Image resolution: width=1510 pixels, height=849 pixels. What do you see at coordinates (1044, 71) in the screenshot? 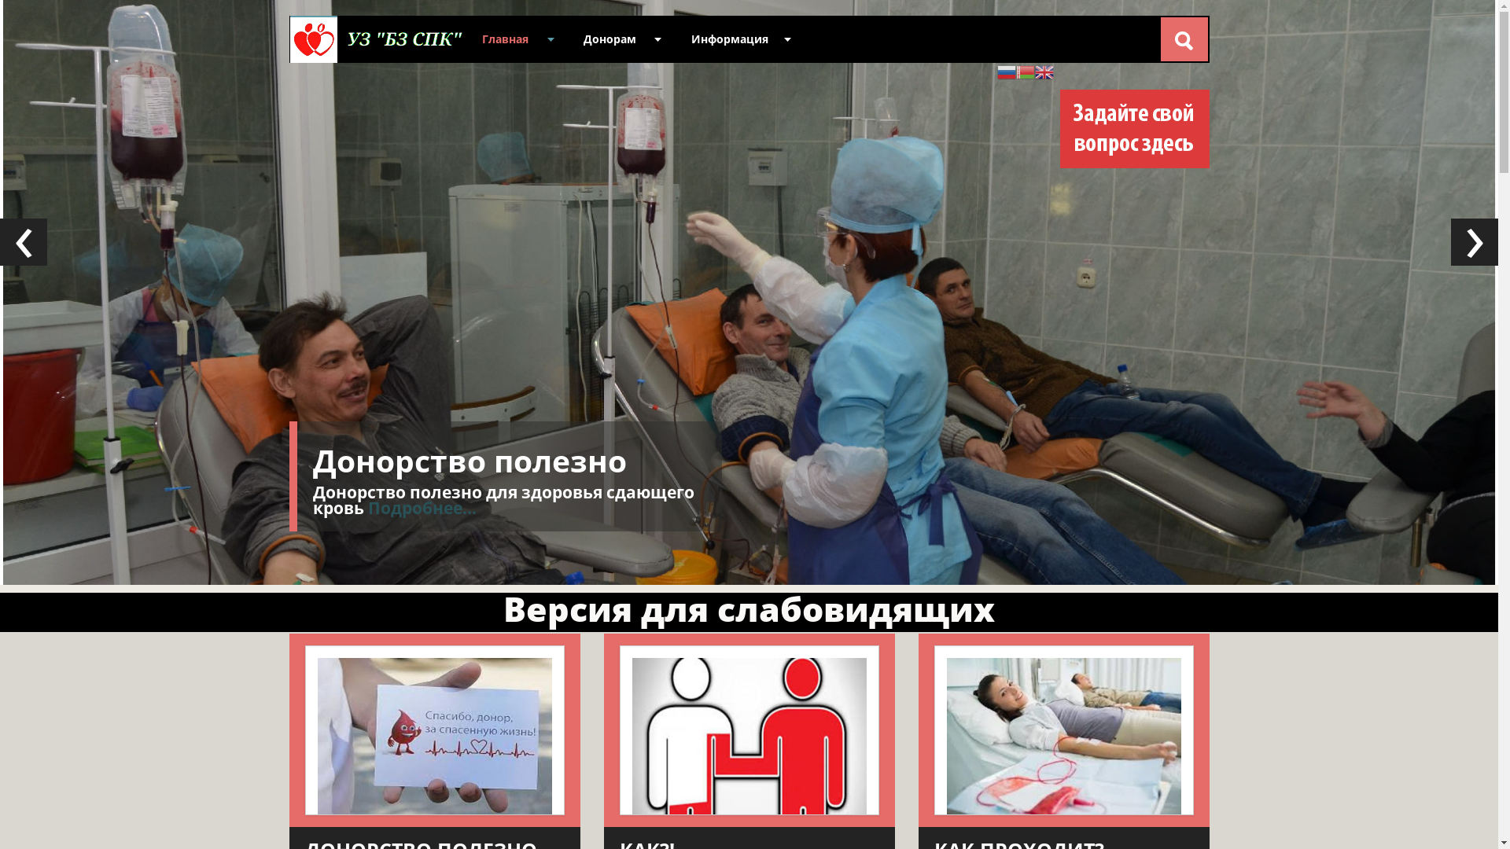
I see `'English'` at bounding box center [1044, 71].